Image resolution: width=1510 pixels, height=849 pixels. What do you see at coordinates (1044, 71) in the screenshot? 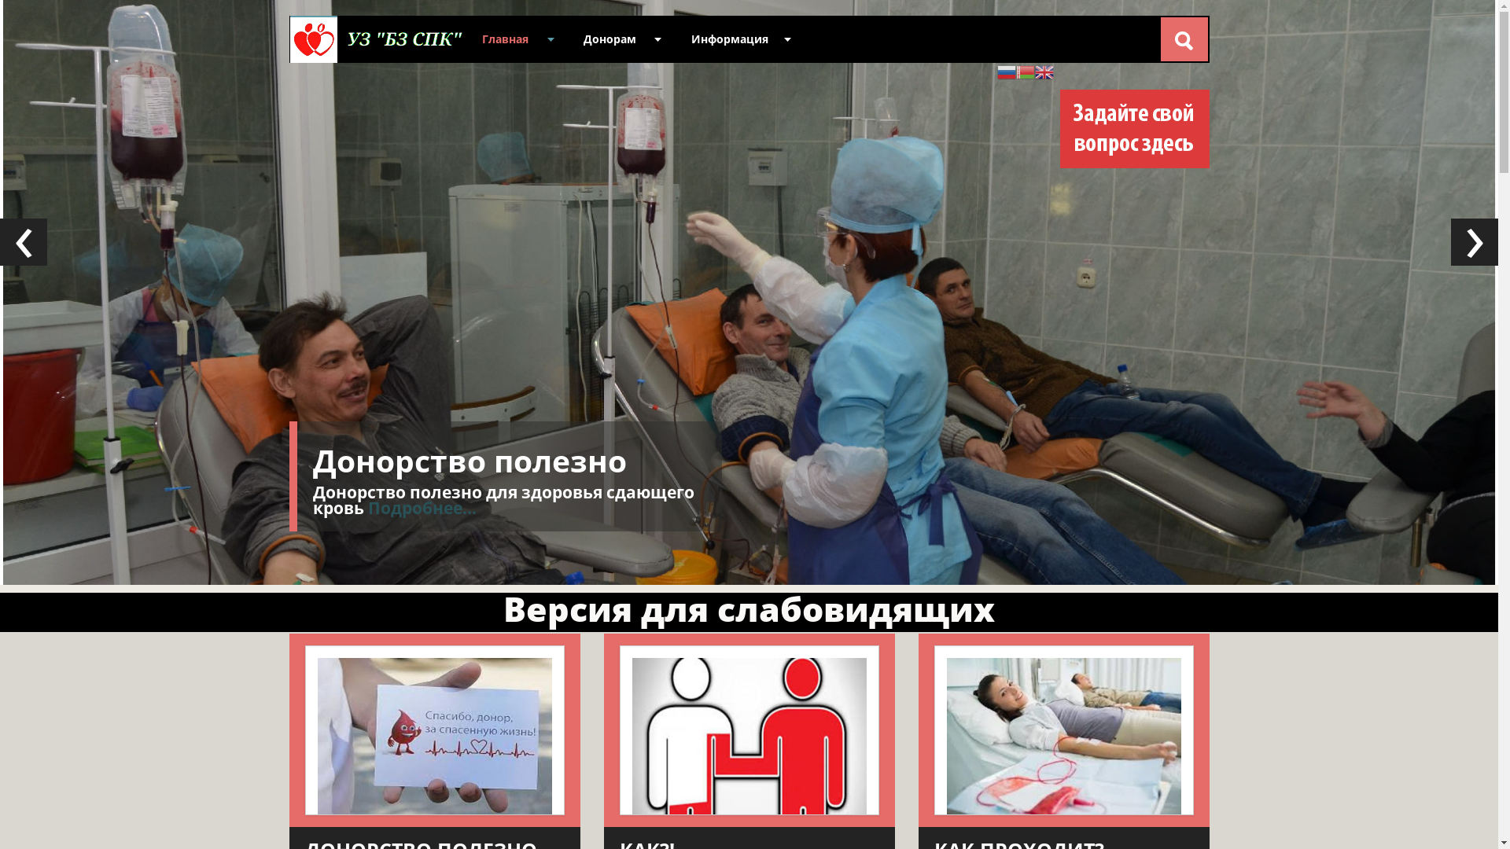
I see `'English'` at bounding box center [1044, 71].